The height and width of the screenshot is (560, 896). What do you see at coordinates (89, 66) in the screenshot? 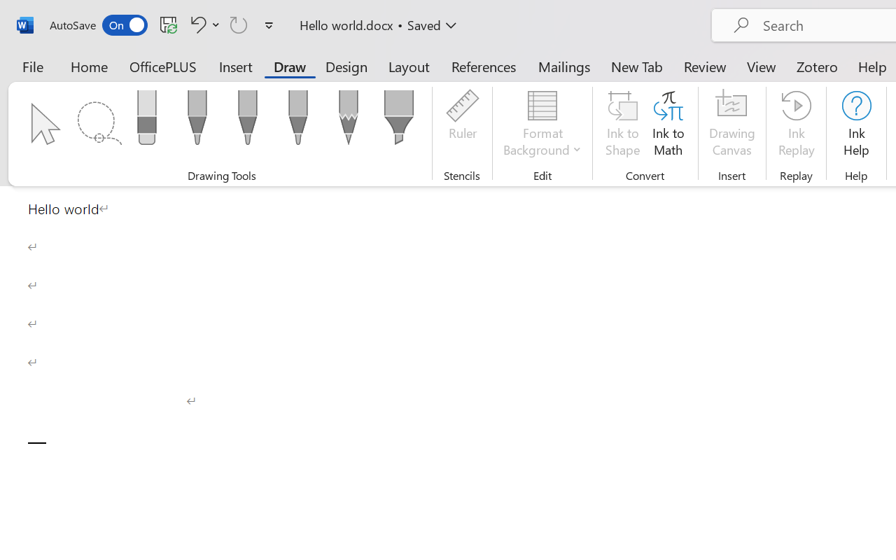
I see `'Home'` at bounding box center [89, 66].